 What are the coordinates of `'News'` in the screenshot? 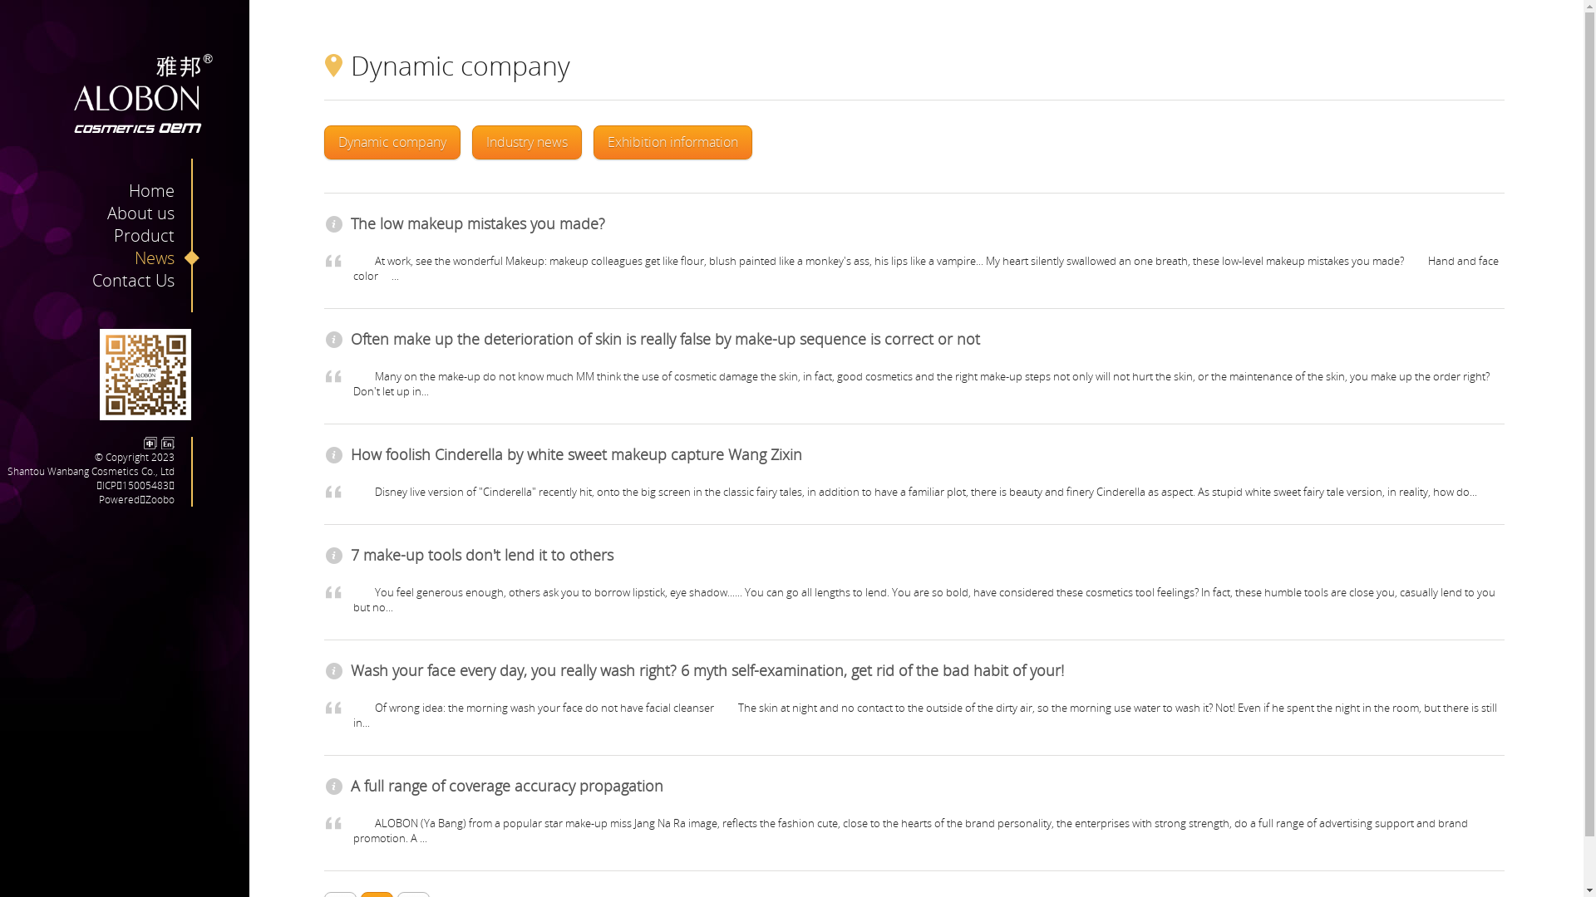 It's located at (167, 257).